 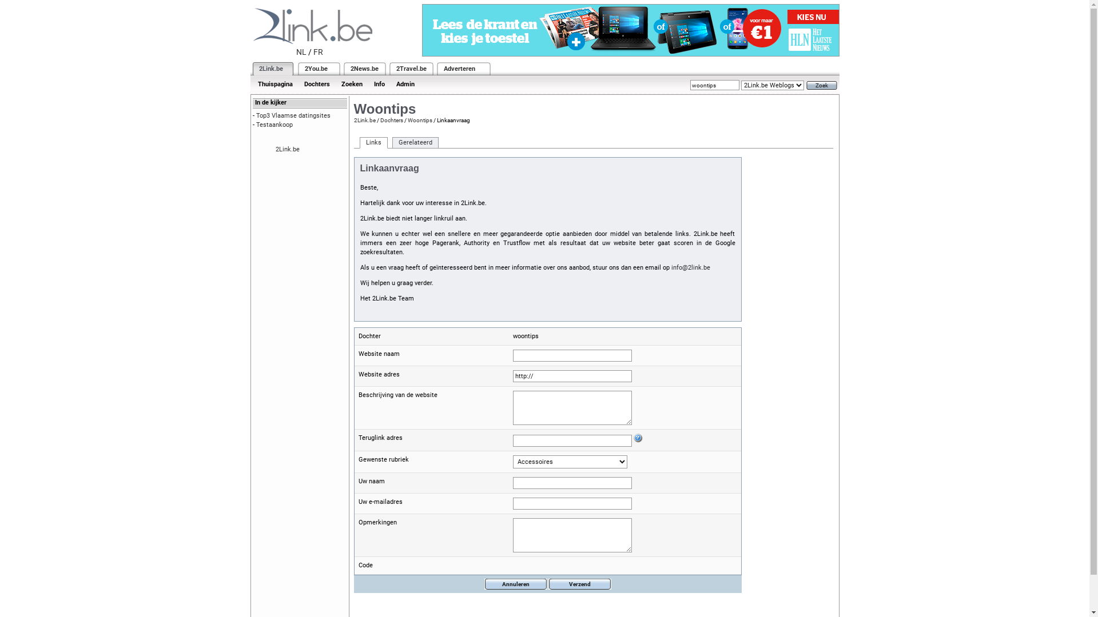 I want to click on 'Links', so click(x=373, y=142).